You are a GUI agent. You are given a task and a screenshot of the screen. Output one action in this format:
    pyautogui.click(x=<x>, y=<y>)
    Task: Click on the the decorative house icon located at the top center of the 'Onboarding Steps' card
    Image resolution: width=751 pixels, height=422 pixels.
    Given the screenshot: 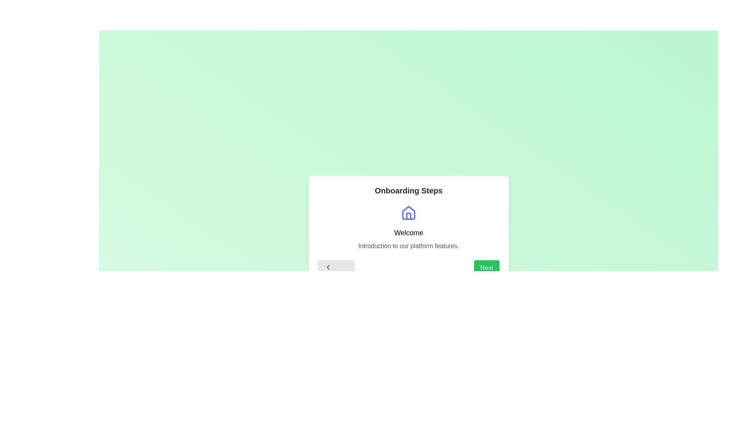 What is the action you would take?
    pyautogui.click(x=408, y=216)
    